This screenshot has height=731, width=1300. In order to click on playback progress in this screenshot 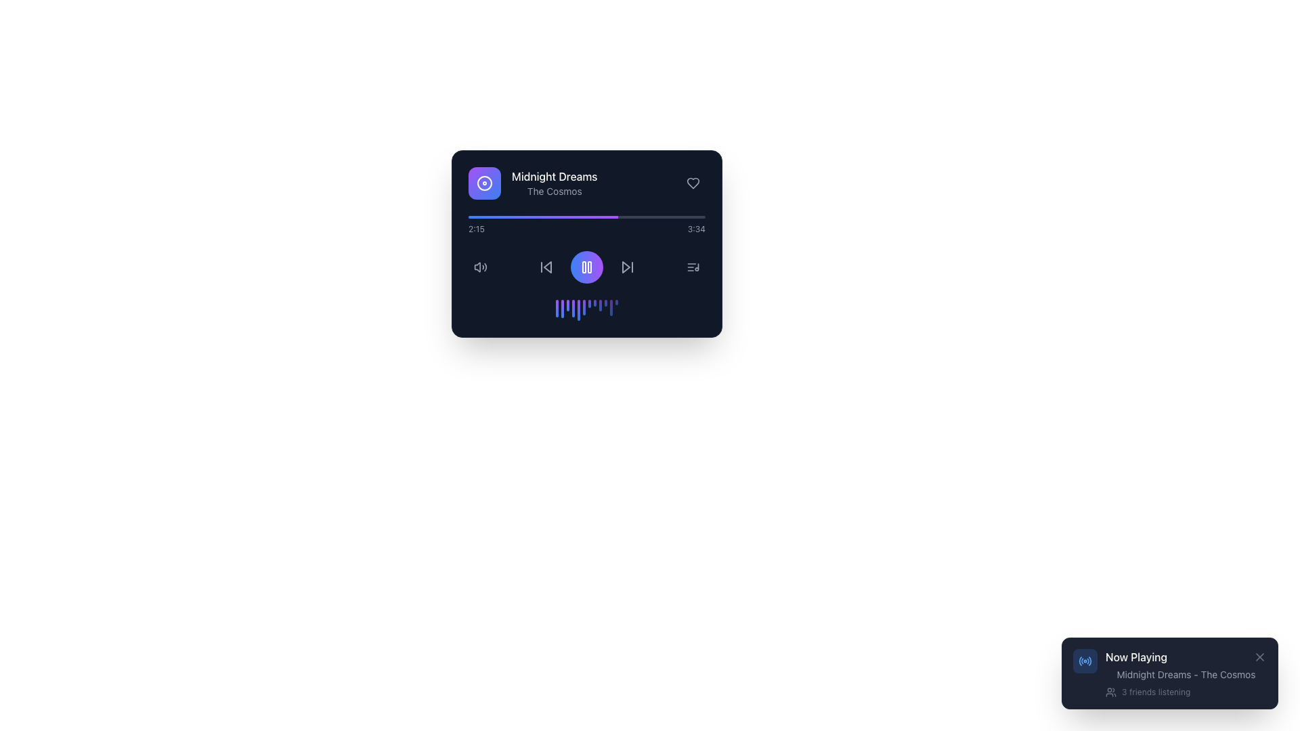, I will do `click(499, 216)`.